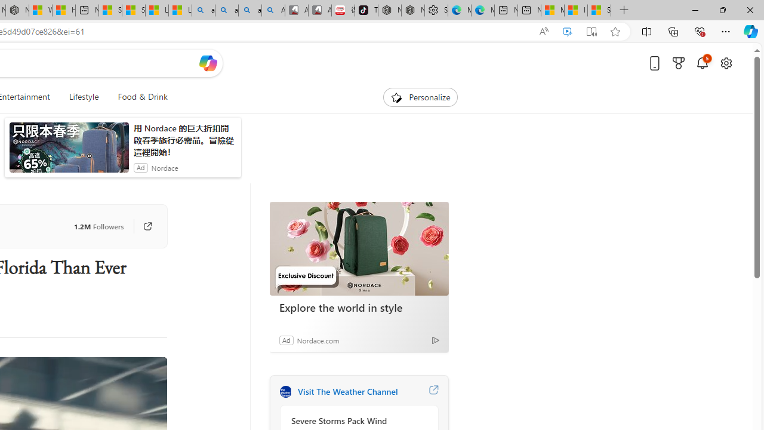  I want to click on 'Go to publisher', so click(147, 226).